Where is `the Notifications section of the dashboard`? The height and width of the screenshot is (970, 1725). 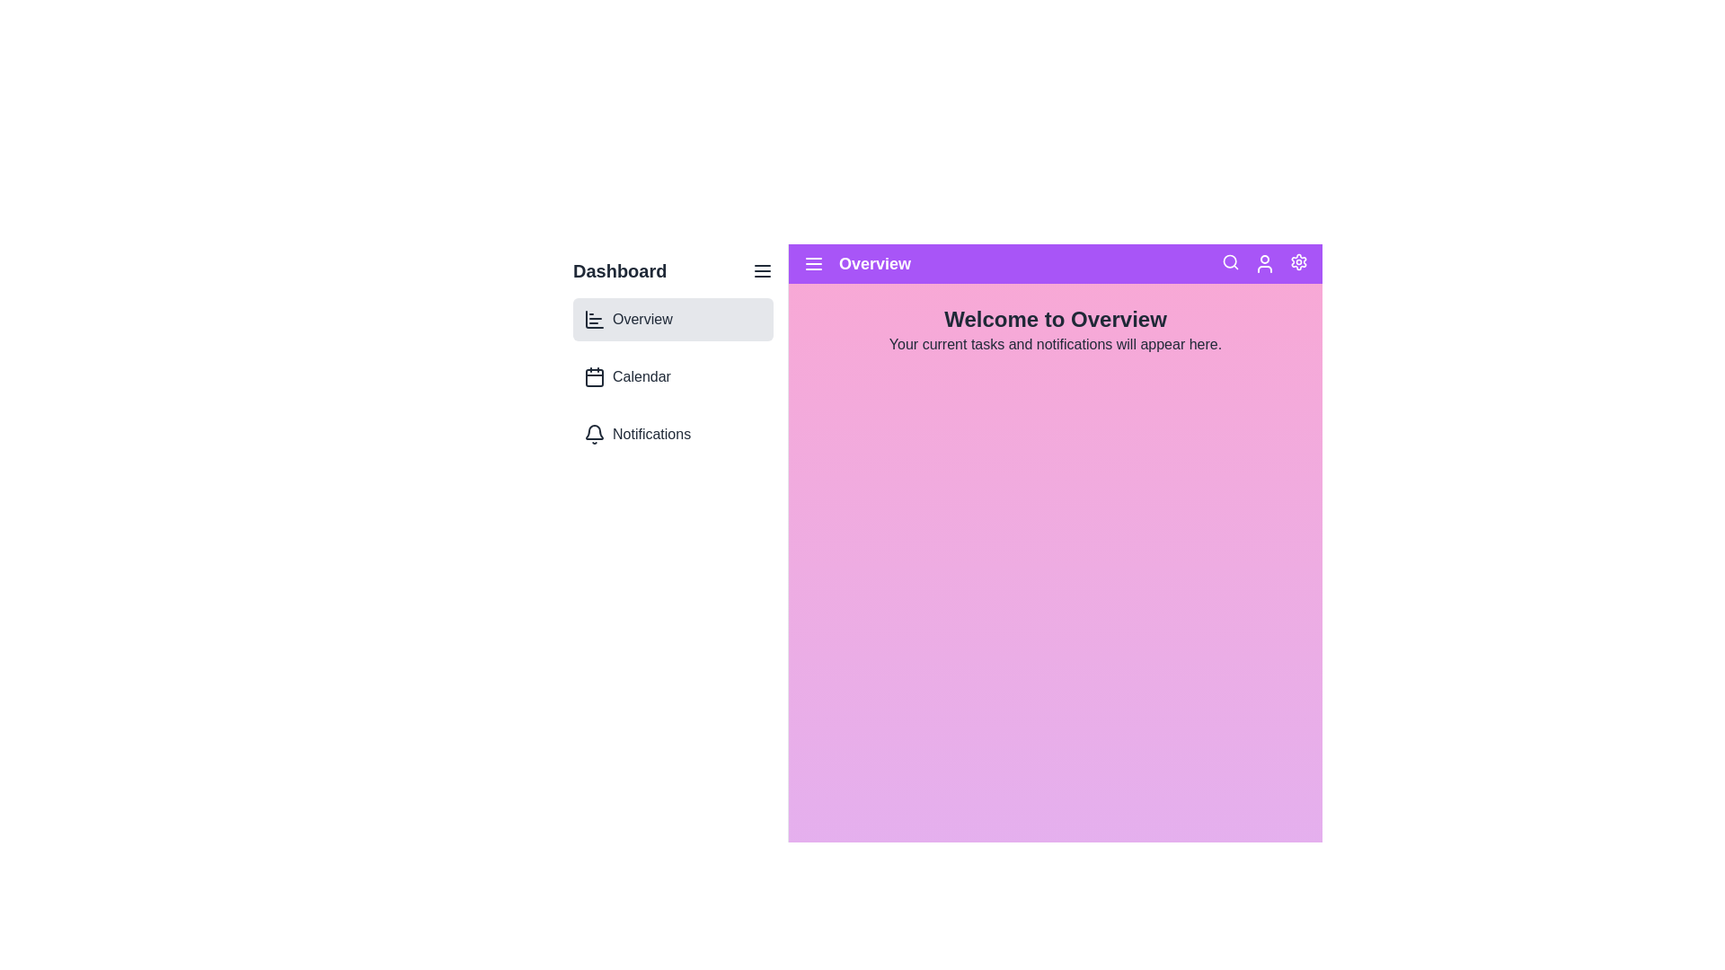 the Notifications section of the dashboard is located at coordinates (672, 434).